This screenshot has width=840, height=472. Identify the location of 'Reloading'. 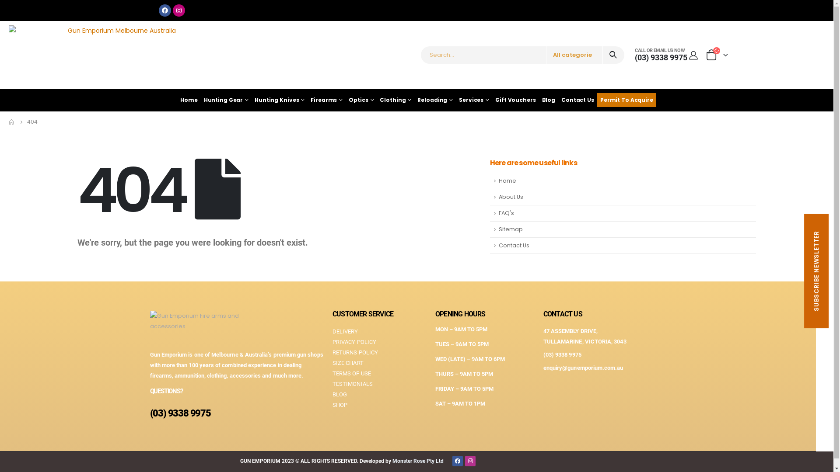
(413, 99).